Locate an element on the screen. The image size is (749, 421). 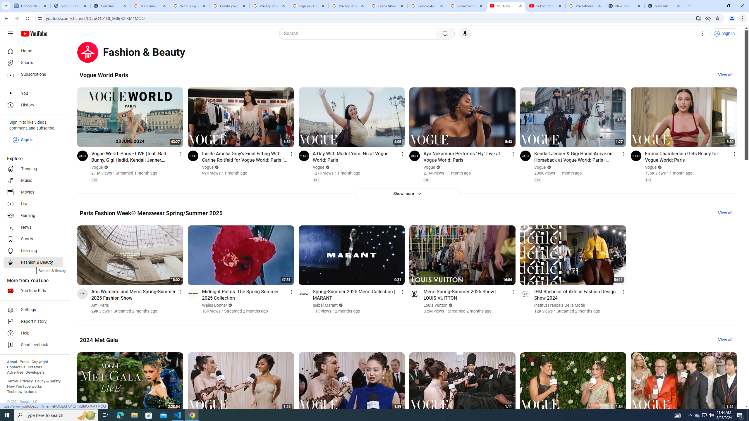
'Report history' is located at coordinates (33, 321).